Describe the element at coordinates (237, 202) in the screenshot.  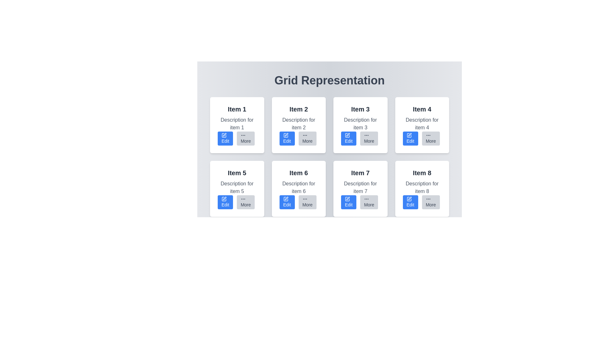
I see `the 'More' button in the interactive control group located at the bottom of the fifth card in the grid layout, which has a gray background and darker text` at that location.